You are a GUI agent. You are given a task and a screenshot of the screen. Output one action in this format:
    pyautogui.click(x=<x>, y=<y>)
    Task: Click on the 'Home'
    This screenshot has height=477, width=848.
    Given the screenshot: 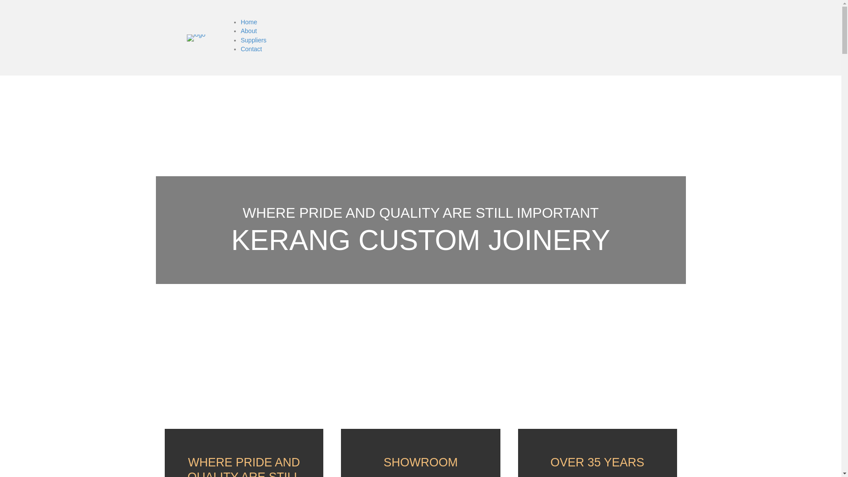 What is the action you would take?
    pyautogui.click(x=241, y=22)
    